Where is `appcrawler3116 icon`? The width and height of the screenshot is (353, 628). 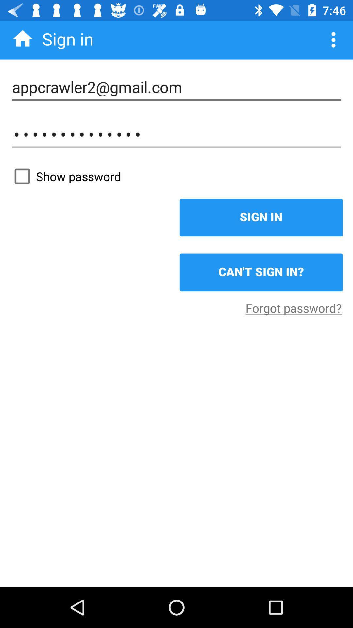 appcrawler3116 icon is located at coordinates (176, 134).